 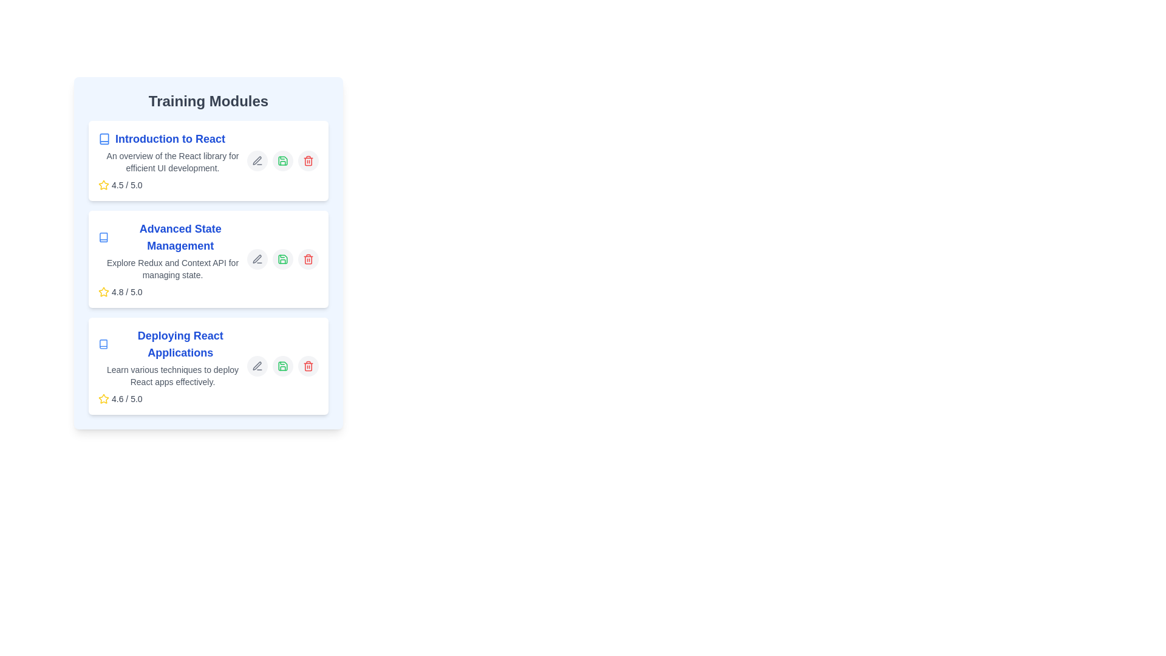 I want to click on the Star Icon located at the bottom-right corner of the 'Deploying React Applications' module, which serves as a rating indicator for the training module, so click(x=104, y=292).